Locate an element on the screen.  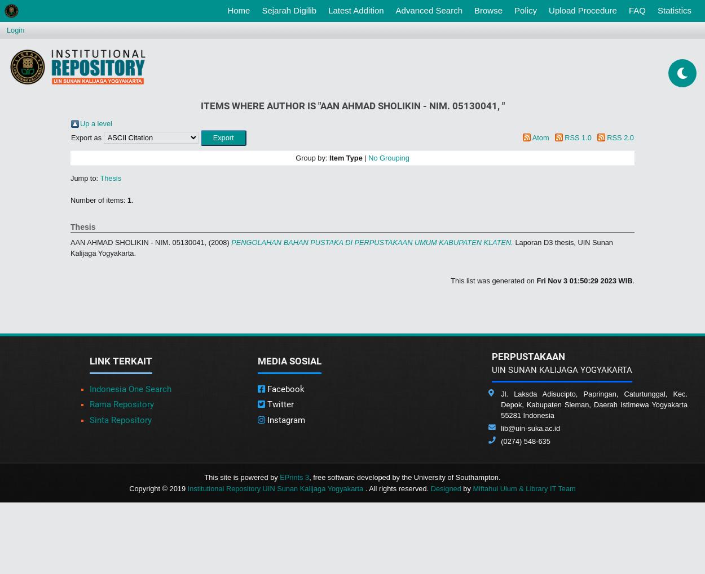
'Login' is located at coordinates (6, 30).